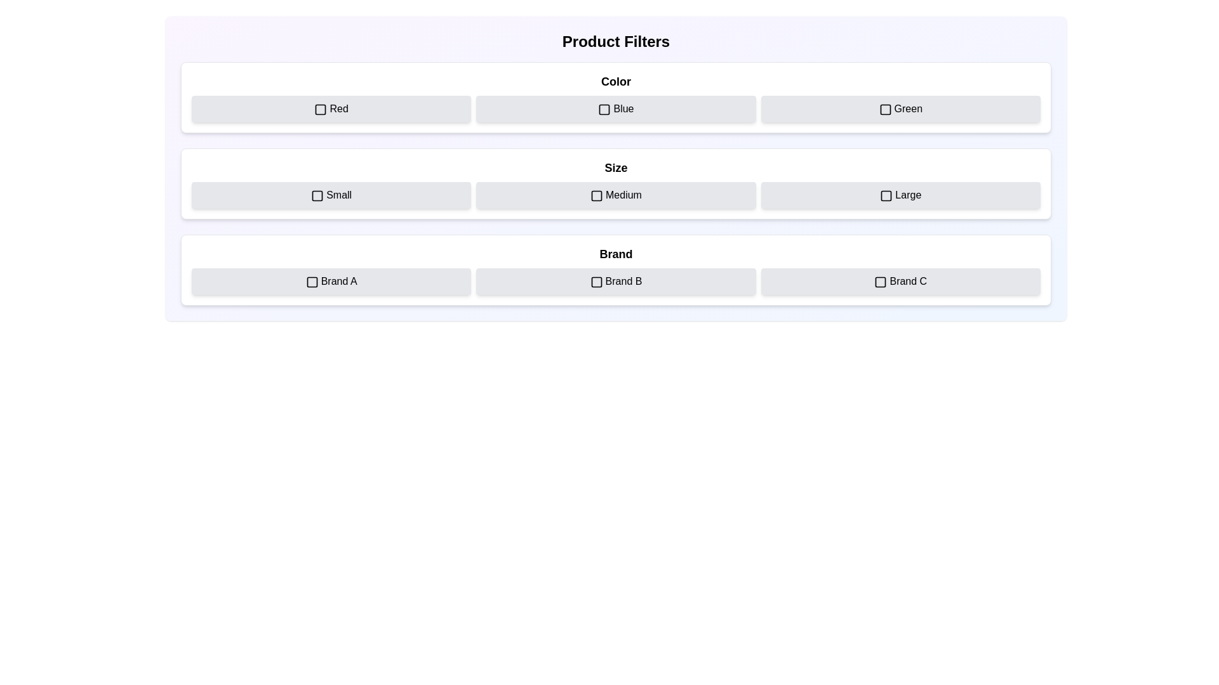  What do you see at coordinates (900, 108) in the screenshot?
I see `the checkbox button labeled 'Green'` at bounding box center [900, 108].